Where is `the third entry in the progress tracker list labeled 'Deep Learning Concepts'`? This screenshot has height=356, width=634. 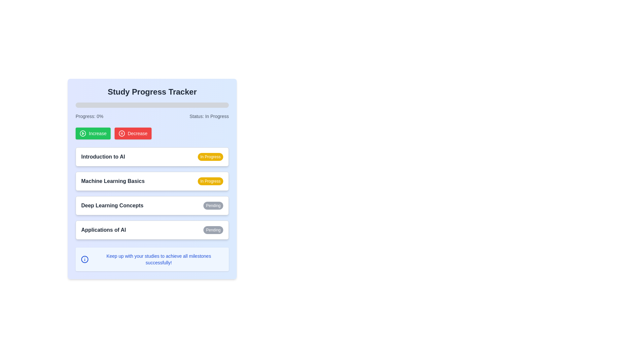
the third entry in the progress tracker list labeled 'Deep Learning Concepts' is located at coordinates (152, 205).